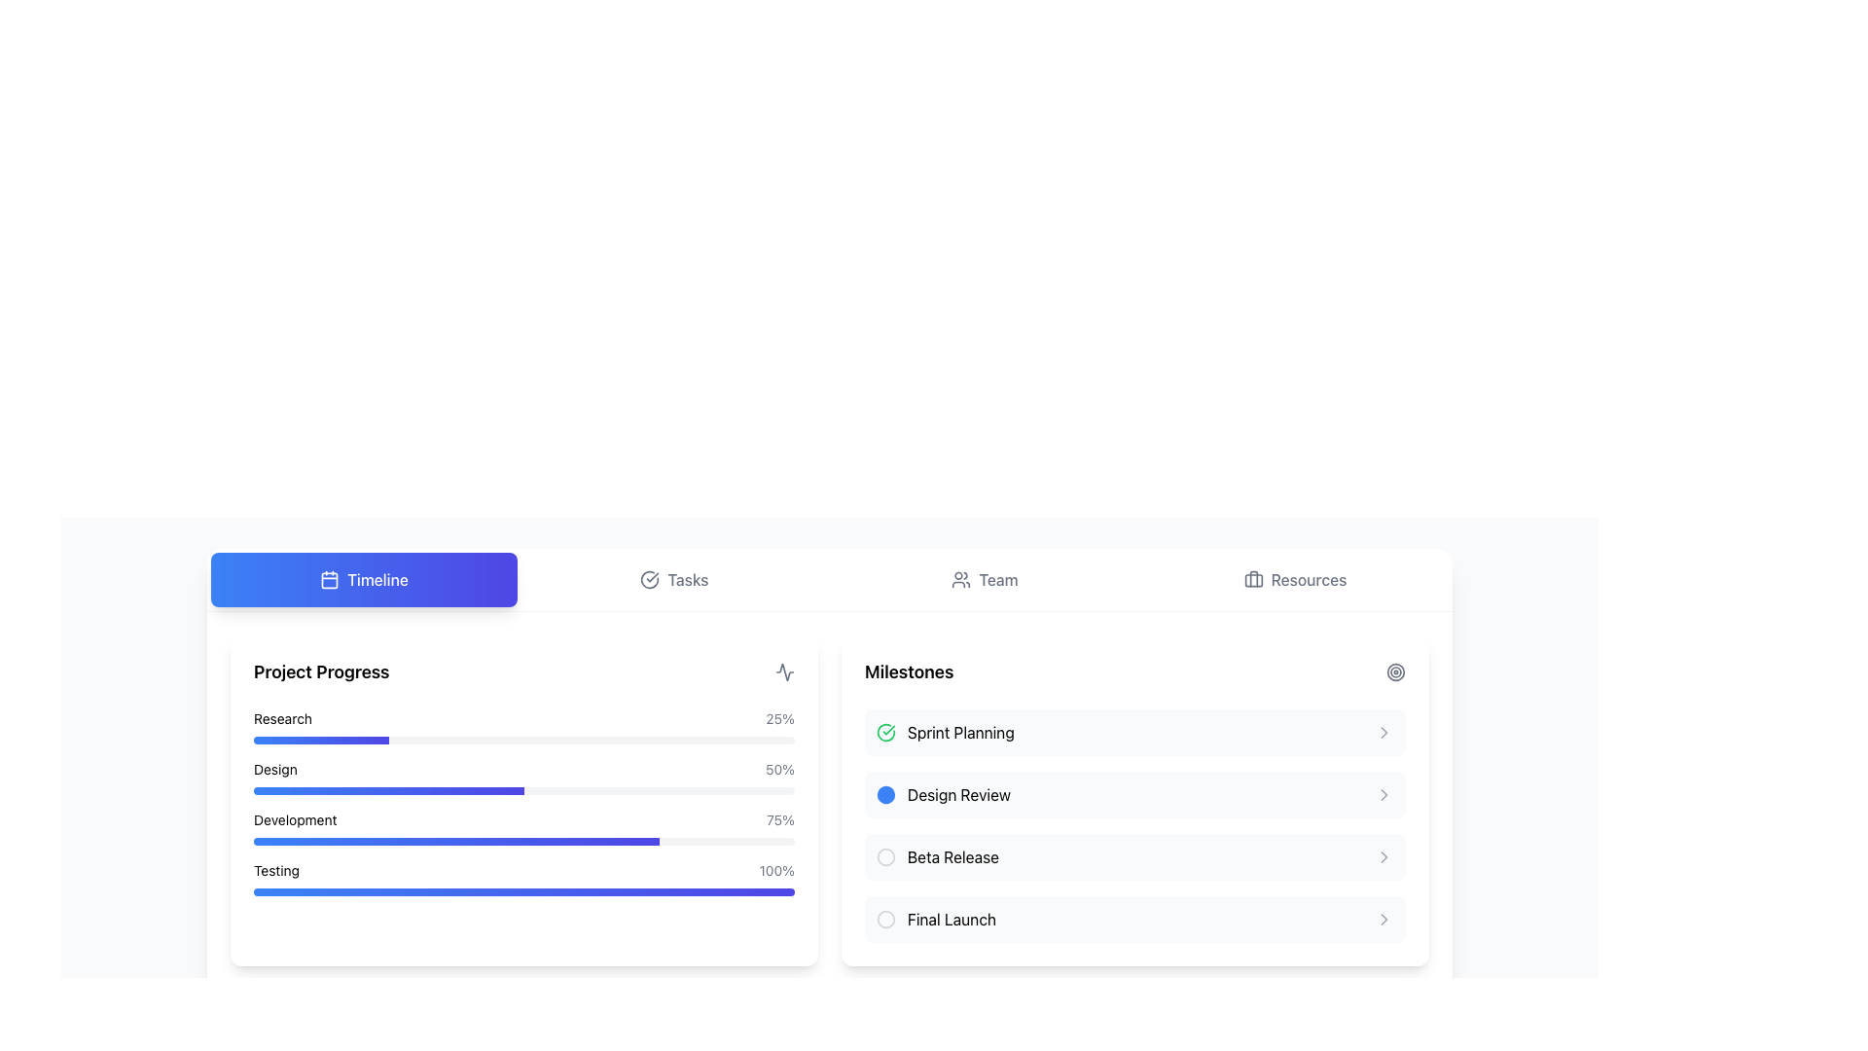  Describe the element at coordinates (1134, 800) in the screenshot. I see `the 'Design Review' milestone in the milestones list` at that location.